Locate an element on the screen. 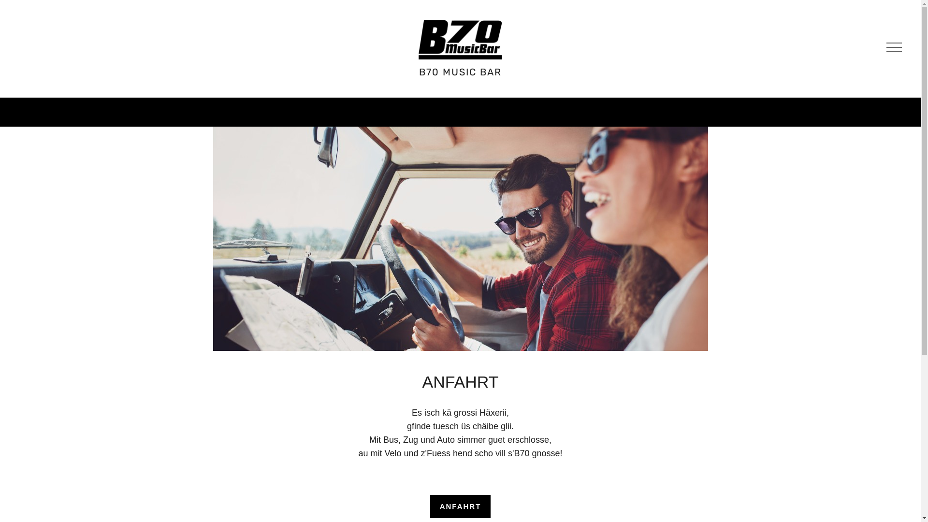 The image size is (928, 522). 'MENU' is located at coordinates (892, 48).